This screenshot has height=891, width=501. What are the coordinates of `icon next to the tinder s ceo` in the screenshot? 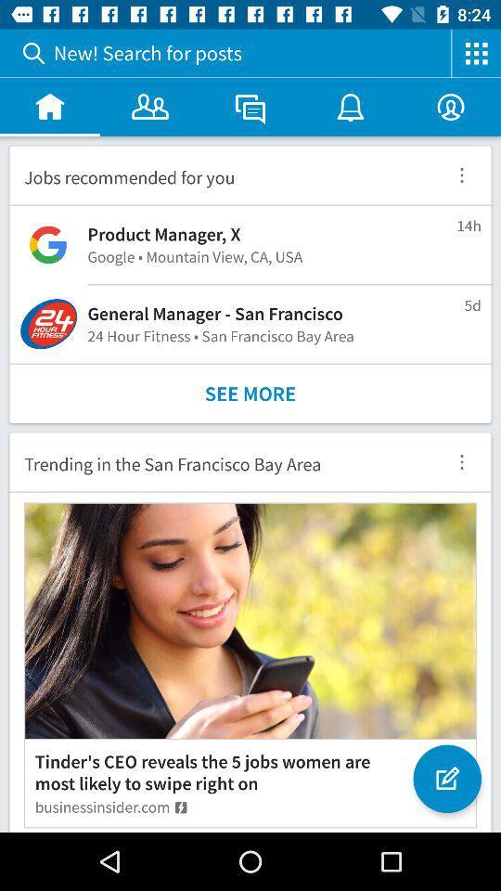 It's located at (445, 768).